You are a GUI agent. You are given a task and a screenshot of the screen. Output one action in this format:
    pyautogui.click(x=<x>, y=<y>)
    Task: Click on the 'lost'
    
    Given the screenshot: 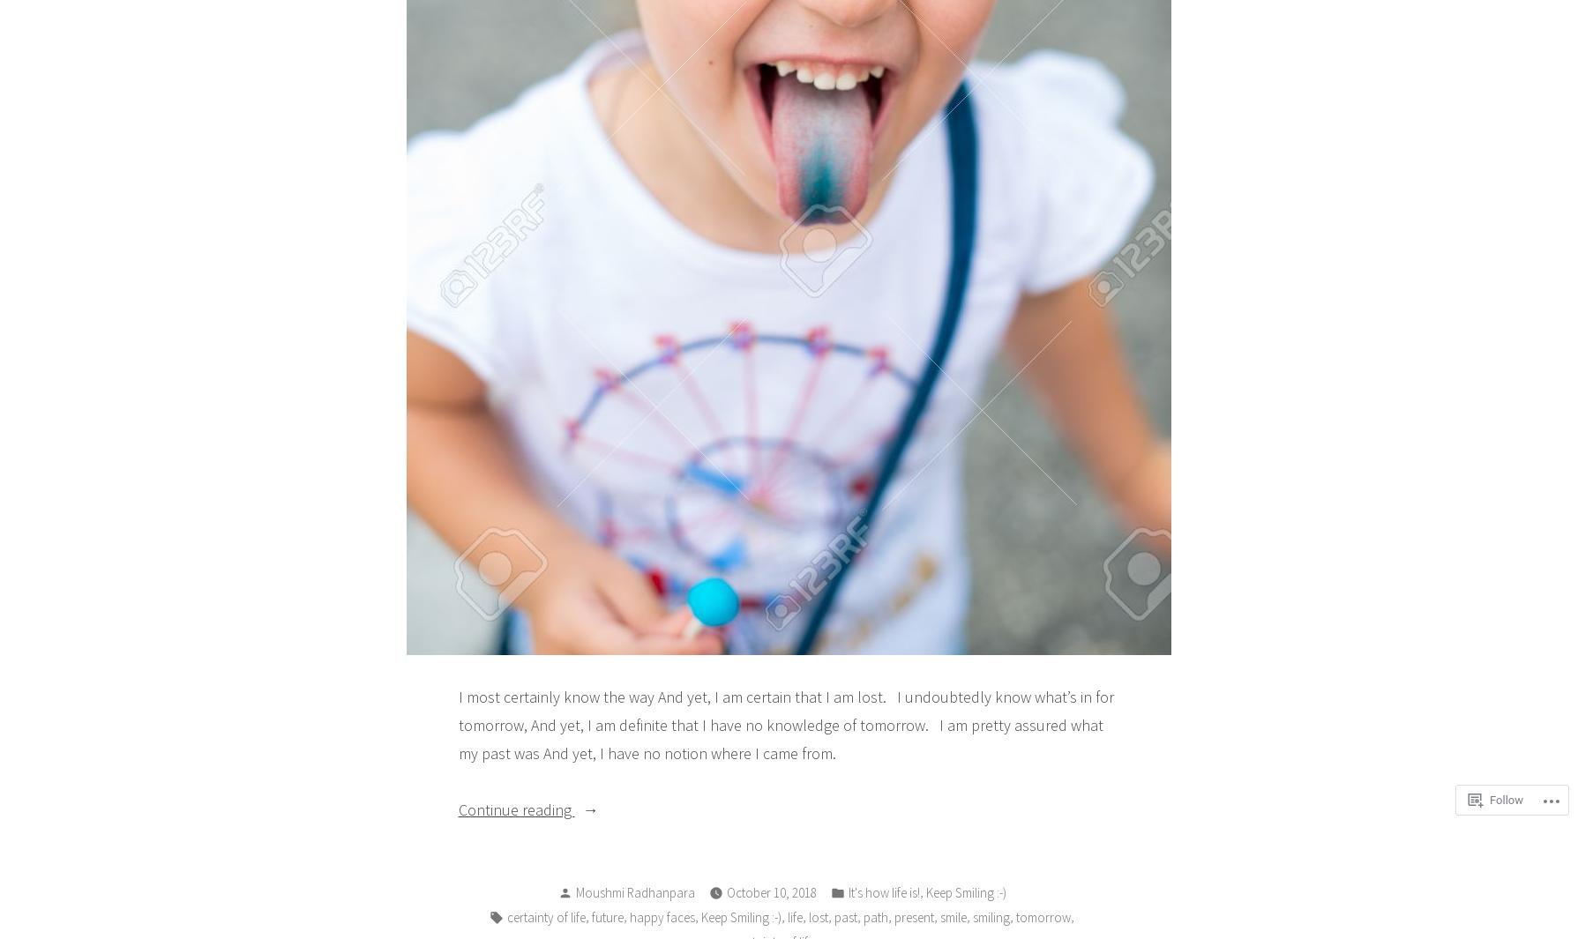 What is the action you would take?
    pyautogui.click(x=817, y=916)
    